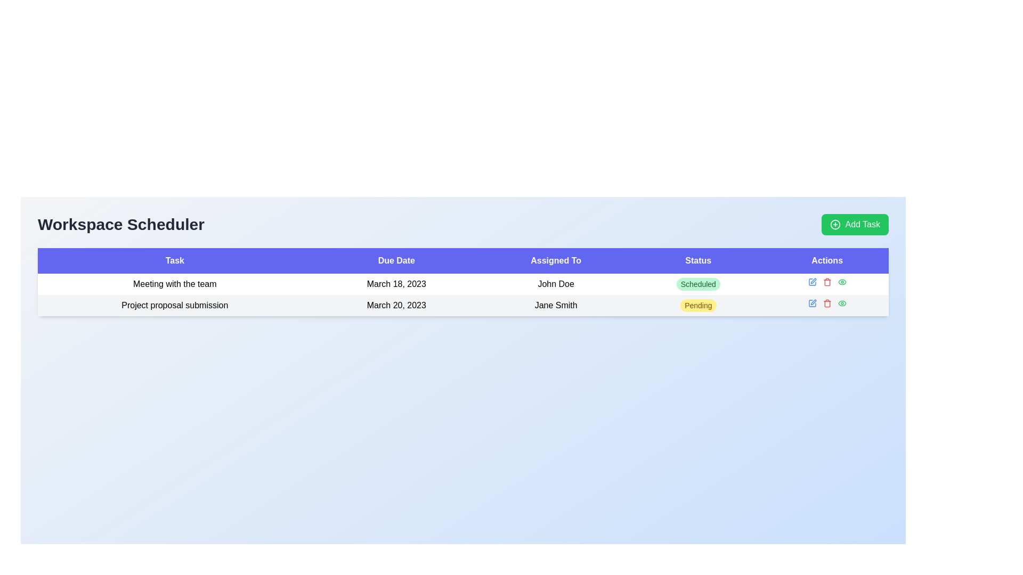 The image size is (1023, 575). Describe the element at coordinates (826, 282) in the screenshot. I see `the trash bin icon located in the 'Actions' column of the 'Project proposal submission' task row` at that location.